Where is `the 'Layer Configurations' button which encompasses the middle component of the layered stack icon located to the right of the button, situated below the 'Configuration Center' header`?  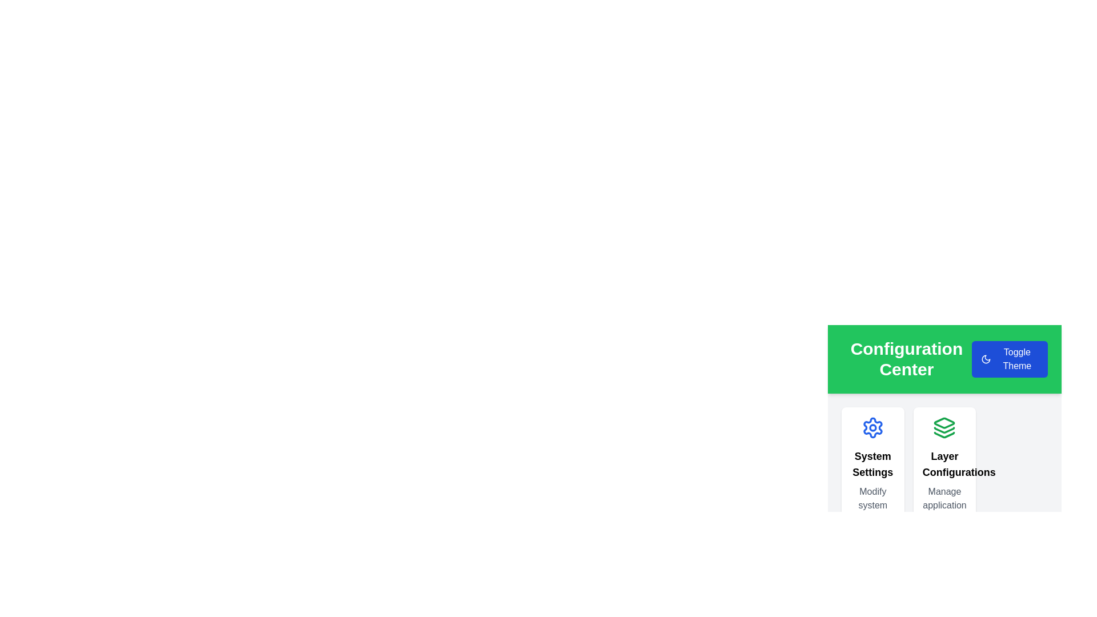
the 'Layer Configurations' button which encompasses the middle component of the layered stack icon located to the right of the button, situated below the 'Configuration Center' header is located at coordinates (944, 430).